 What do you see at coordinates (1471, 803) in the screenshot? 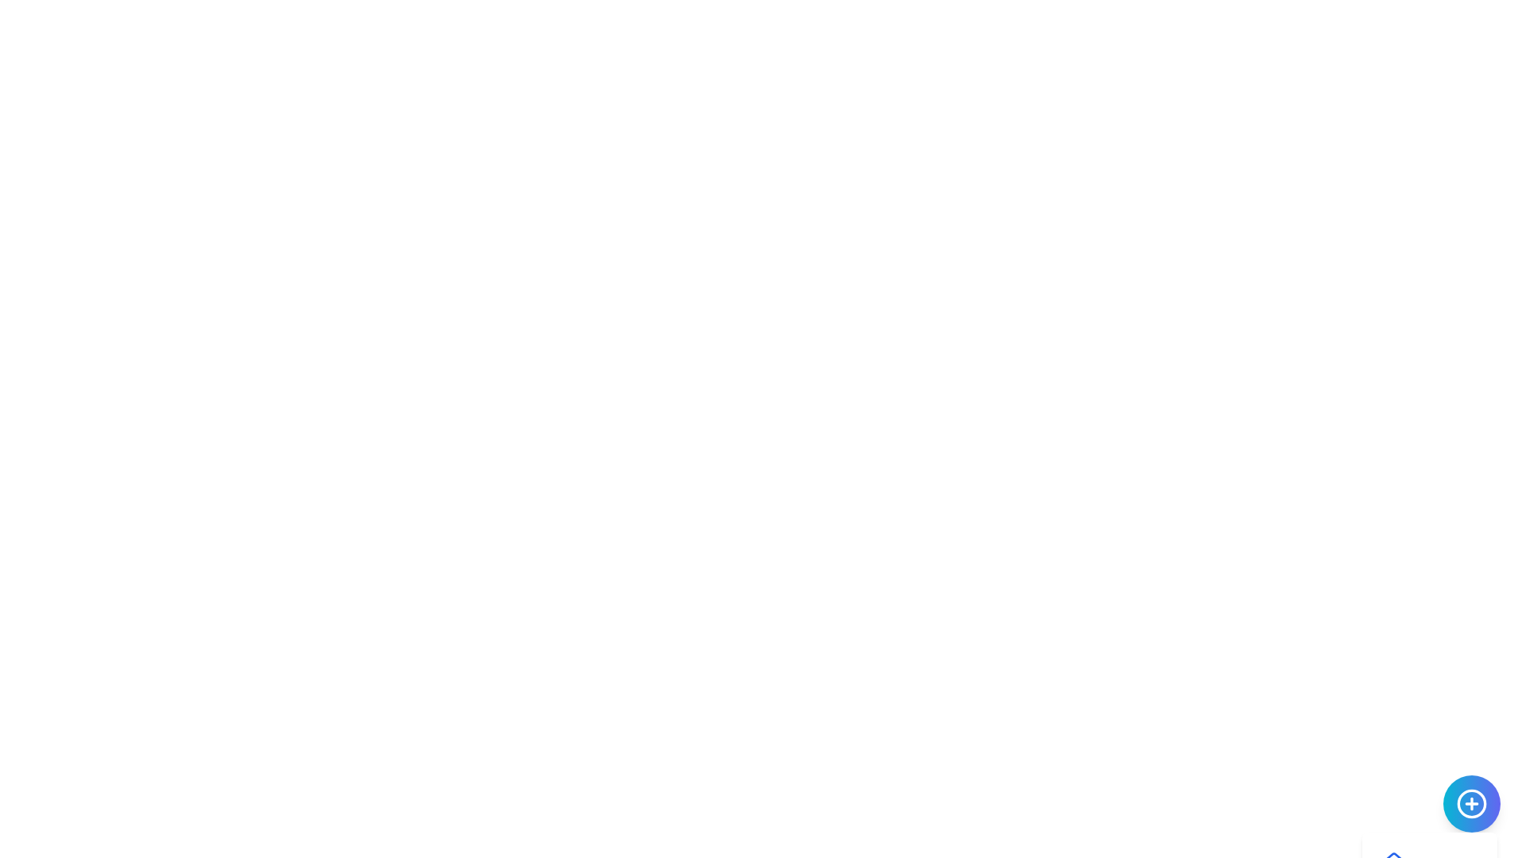
I see `the speed dial toggle button located at the bottom-right corner of the screen` at bounding box center [1471, 803].